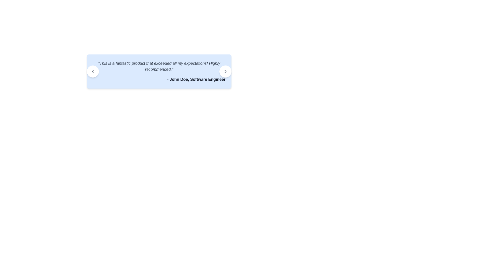  Describe the element at coordinates (225, 72) in the screenshot. I see `the 'next' navigation chevron icon located on the right side of the testimonial bubble` at that location.